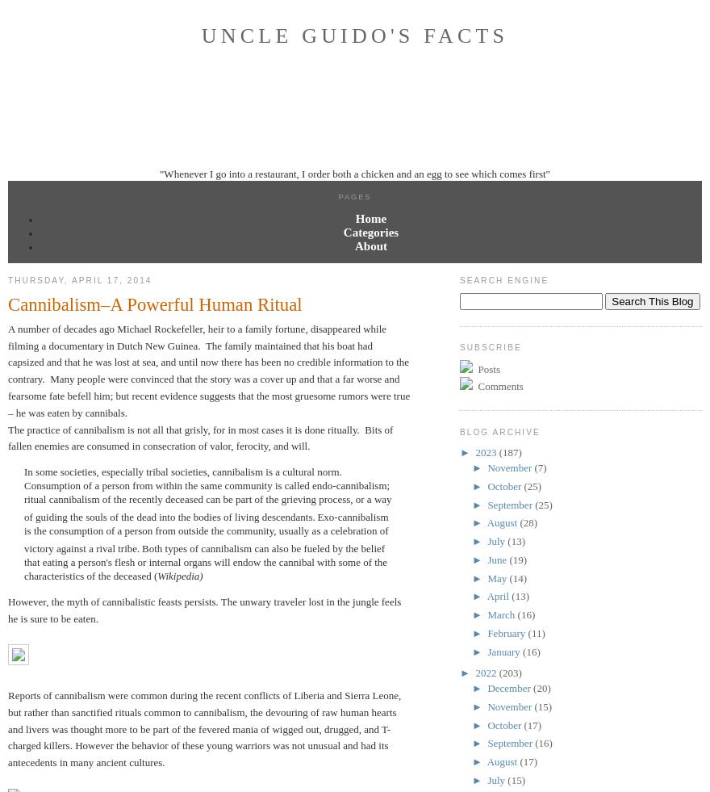 The image size is (710, 792). Describe the element at coordinates (517, 559) in the screenshot. I see `'(19)'` at that location.